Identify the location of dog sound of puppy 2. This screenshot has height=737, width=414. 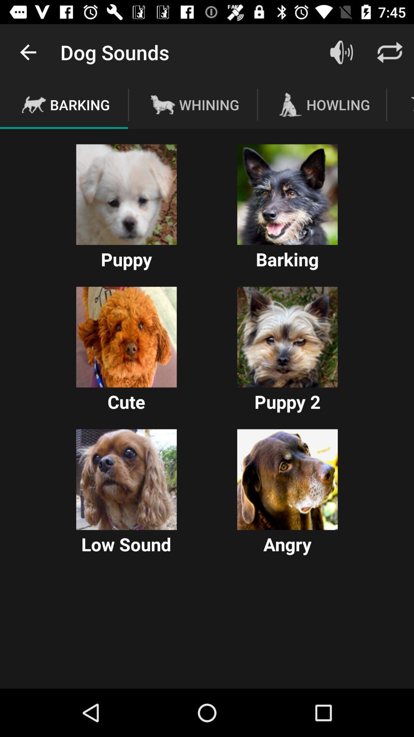
(287, 337).